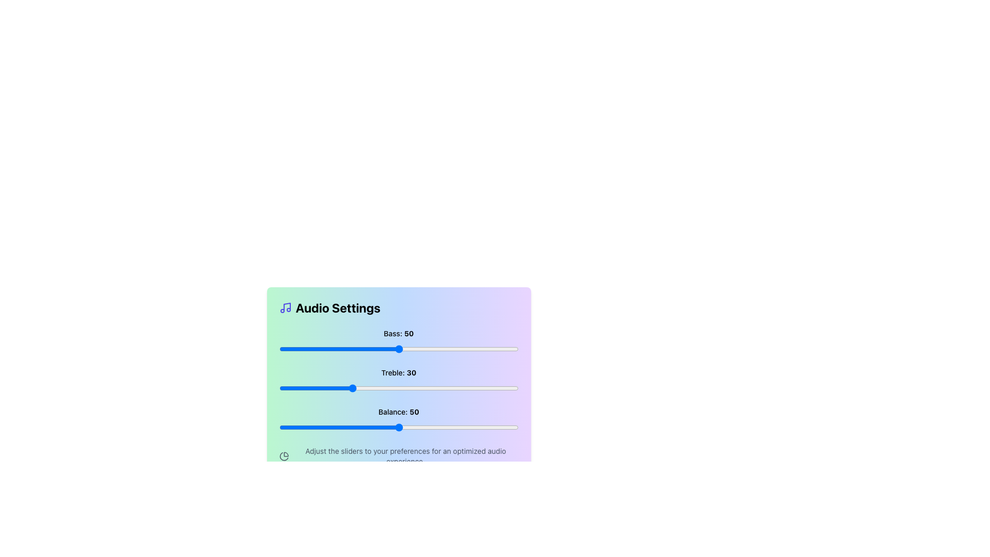  What do you see at coordinates (398, 372) in the screenshot?
I see `the Text Label element displaying 'Treble: 30', which is styled with 'Treble' normally and '30' in bold, located within the audio settings interface` at bounding box center [398, 372].